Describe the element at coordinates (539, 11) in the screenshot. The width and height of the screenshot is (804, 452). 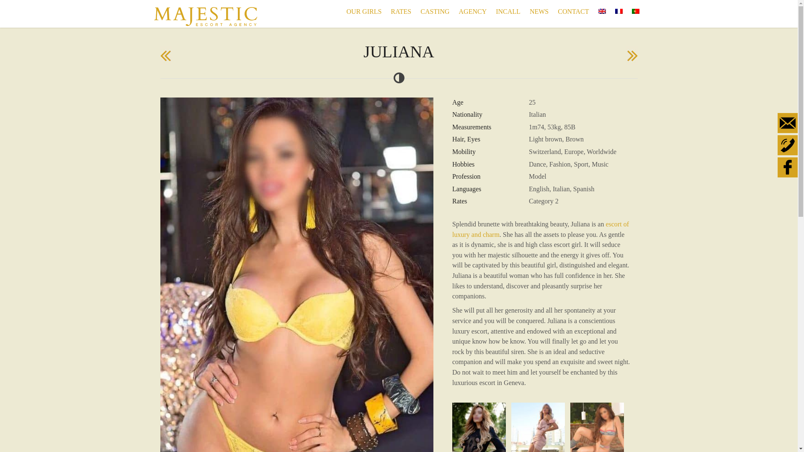
I see `'NEWS'` at that location.